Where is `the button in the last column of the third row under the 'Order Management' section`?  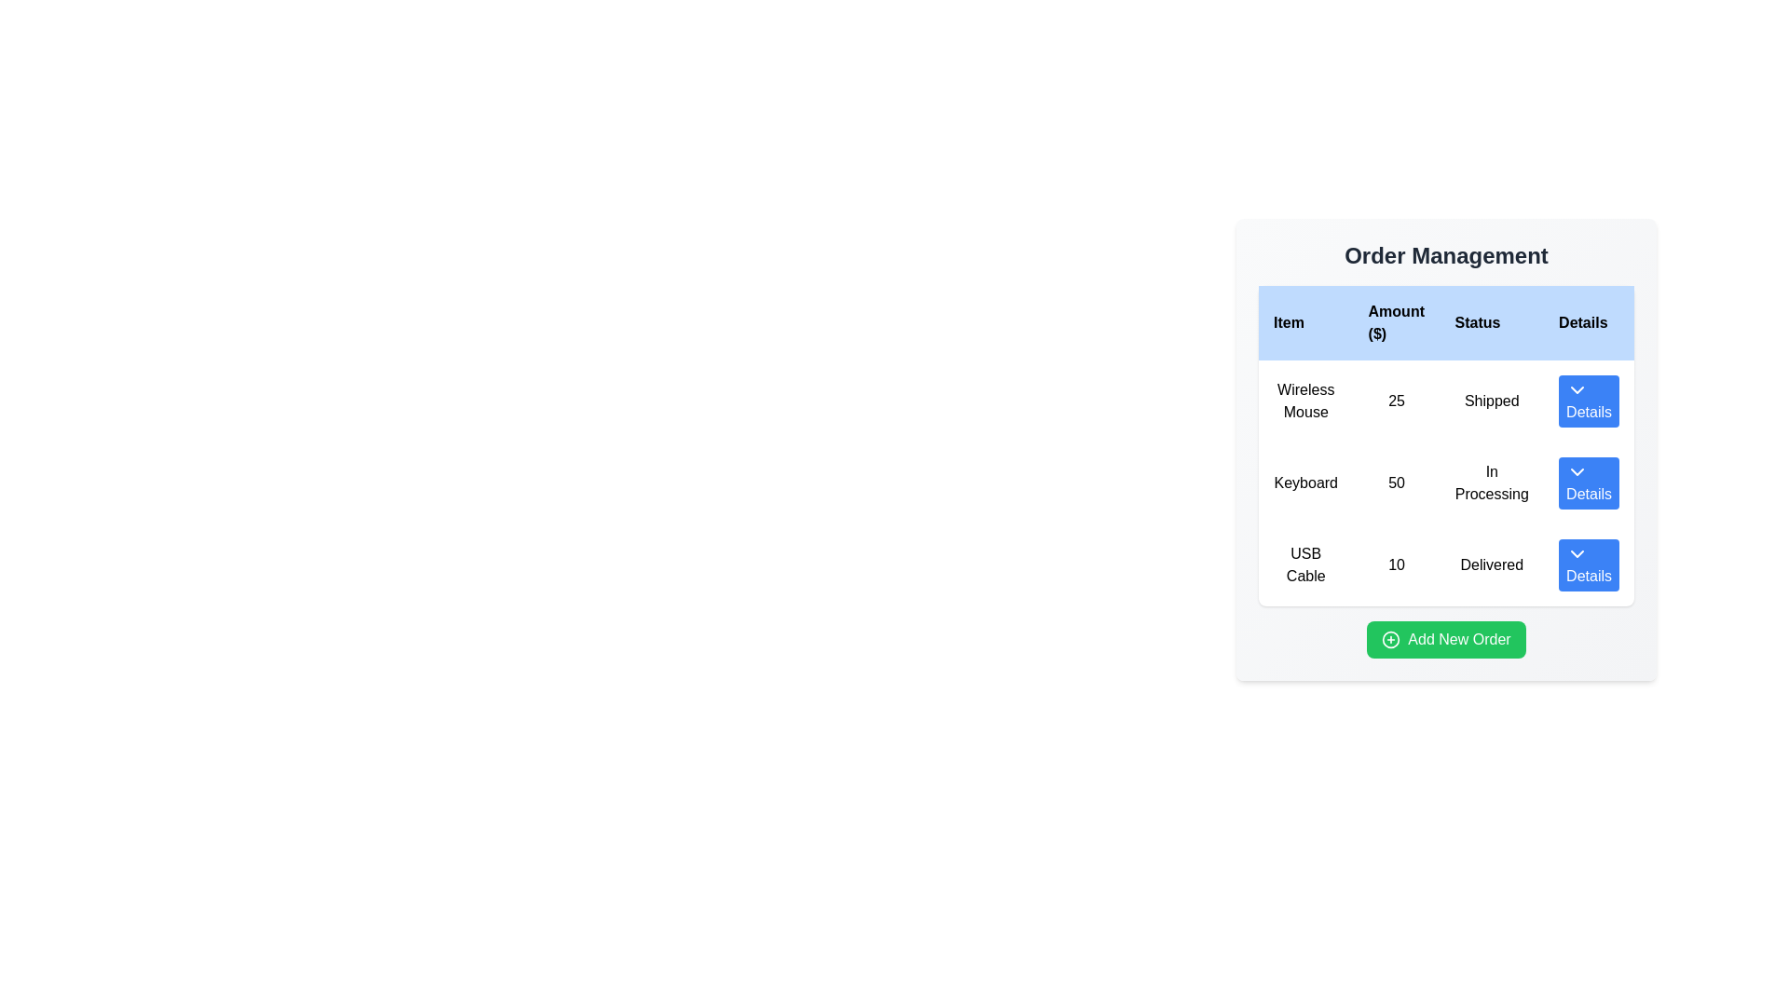 the button in the last column of the third row under the 'Order Management' section is located at coordinates (1588, 564).